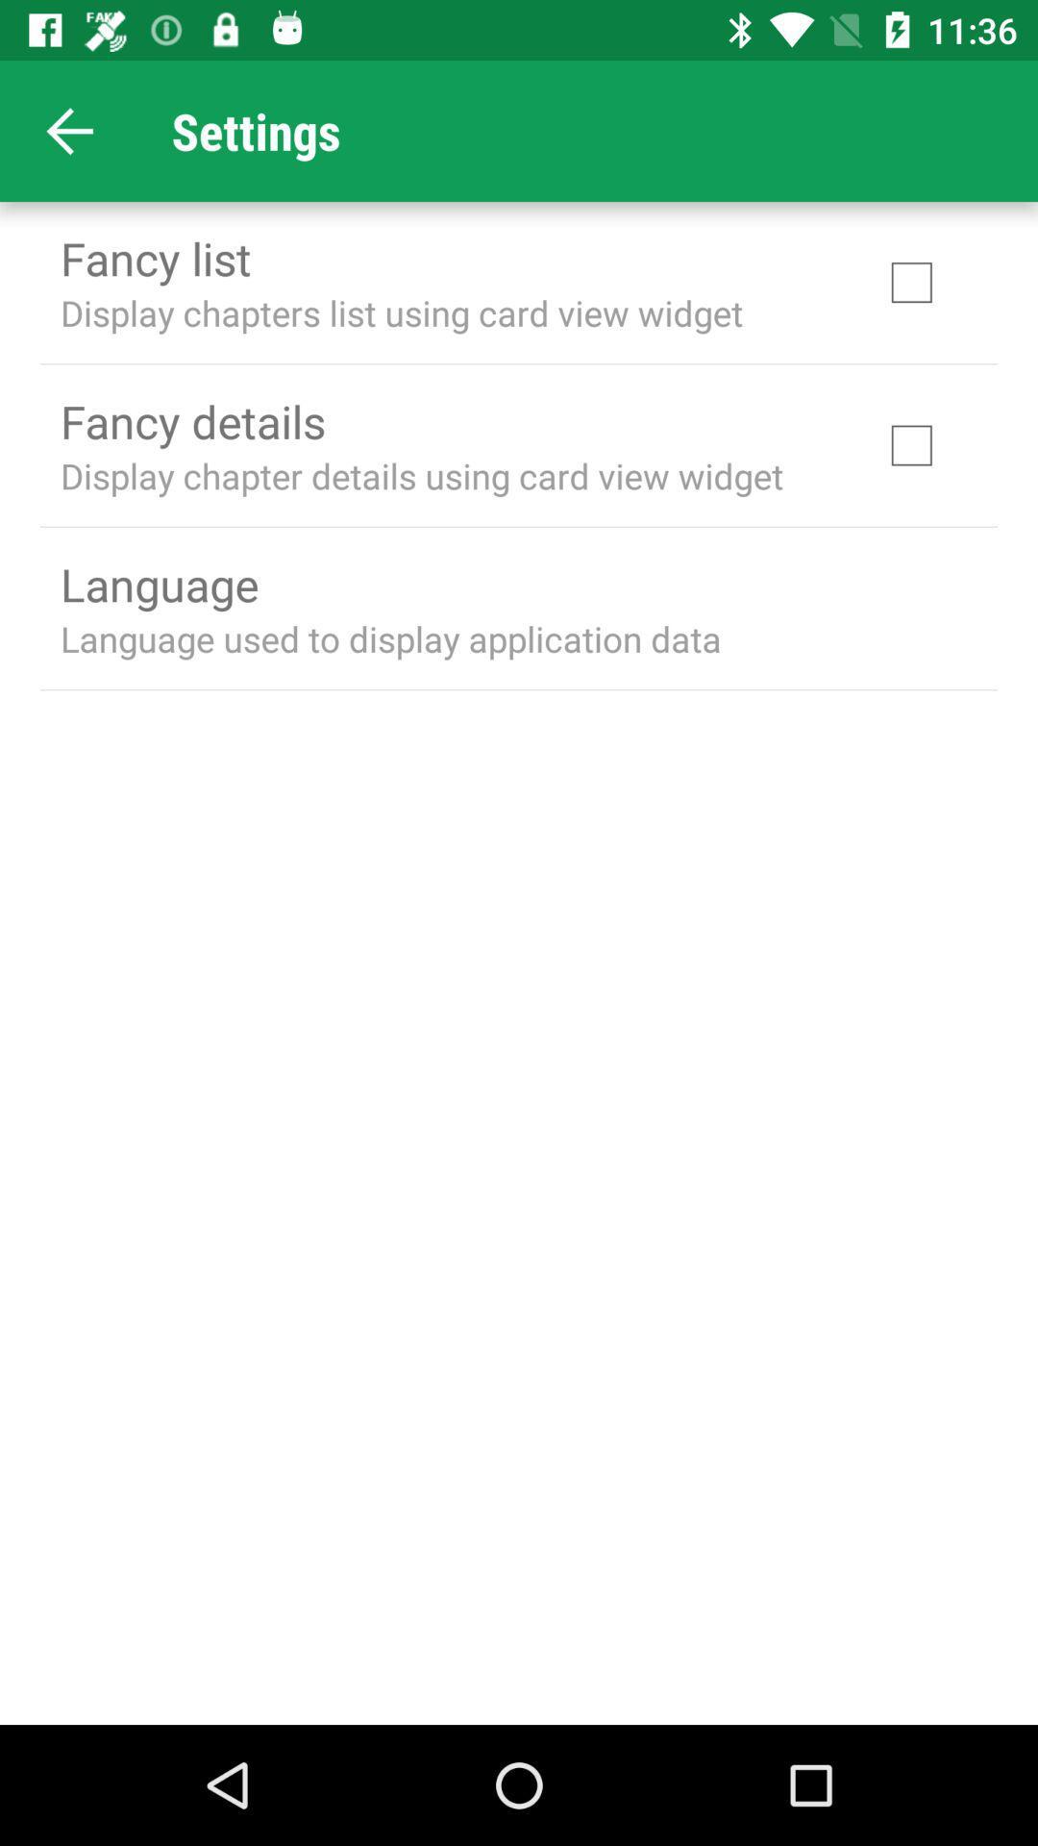 This screenshot has height=1846, width=1038. What do you see at coordinates (69, 130) in the screenshot?
I see `item next to settings` at bounding box center [69, 130].